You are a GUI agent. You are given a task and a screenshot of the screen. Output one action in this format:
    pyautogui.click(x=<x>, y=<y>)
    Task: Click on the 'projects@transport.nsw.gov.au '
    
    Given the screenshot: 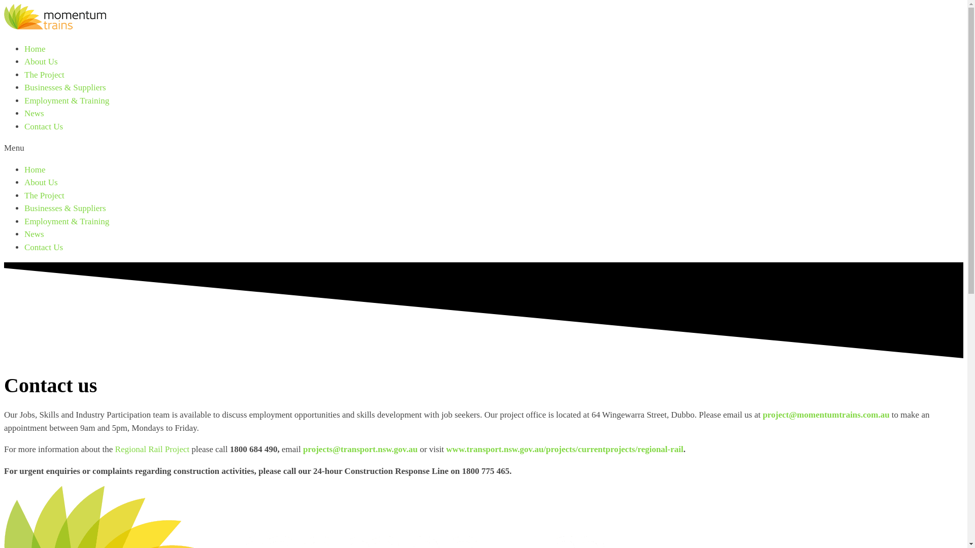 What is the action you would take?
    pyautogui.click(x=361, y=449)
    